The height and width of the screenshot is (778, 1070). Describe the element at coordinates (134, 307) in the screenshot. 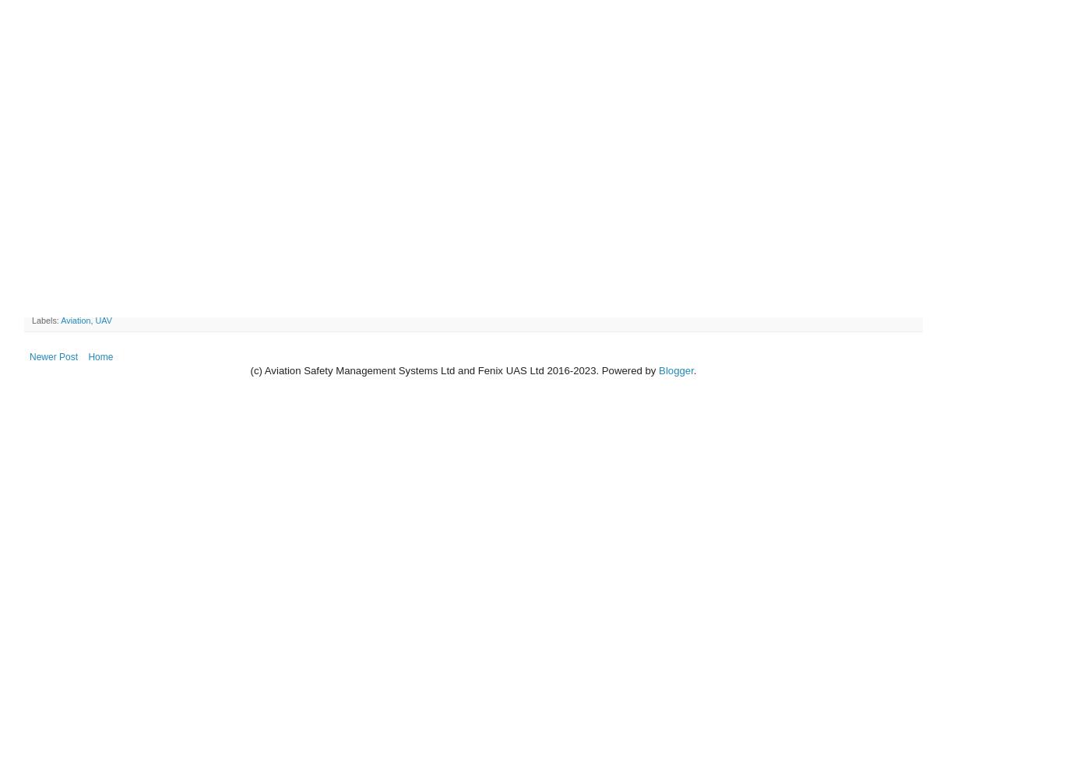

I see `'Share to Twitter'` at that location.